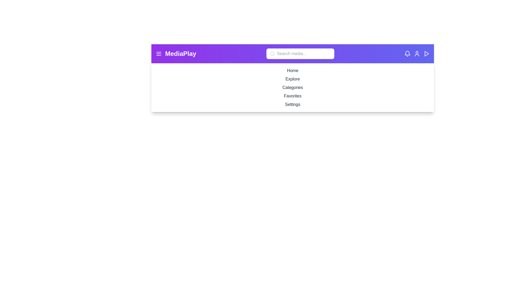 The height and width of the screenshot is (286, 509). I want to click on the notification icon located, so click(407, 53).